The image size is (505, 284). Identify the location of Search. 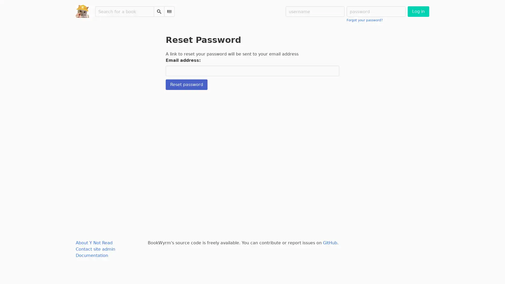
(159, 11).